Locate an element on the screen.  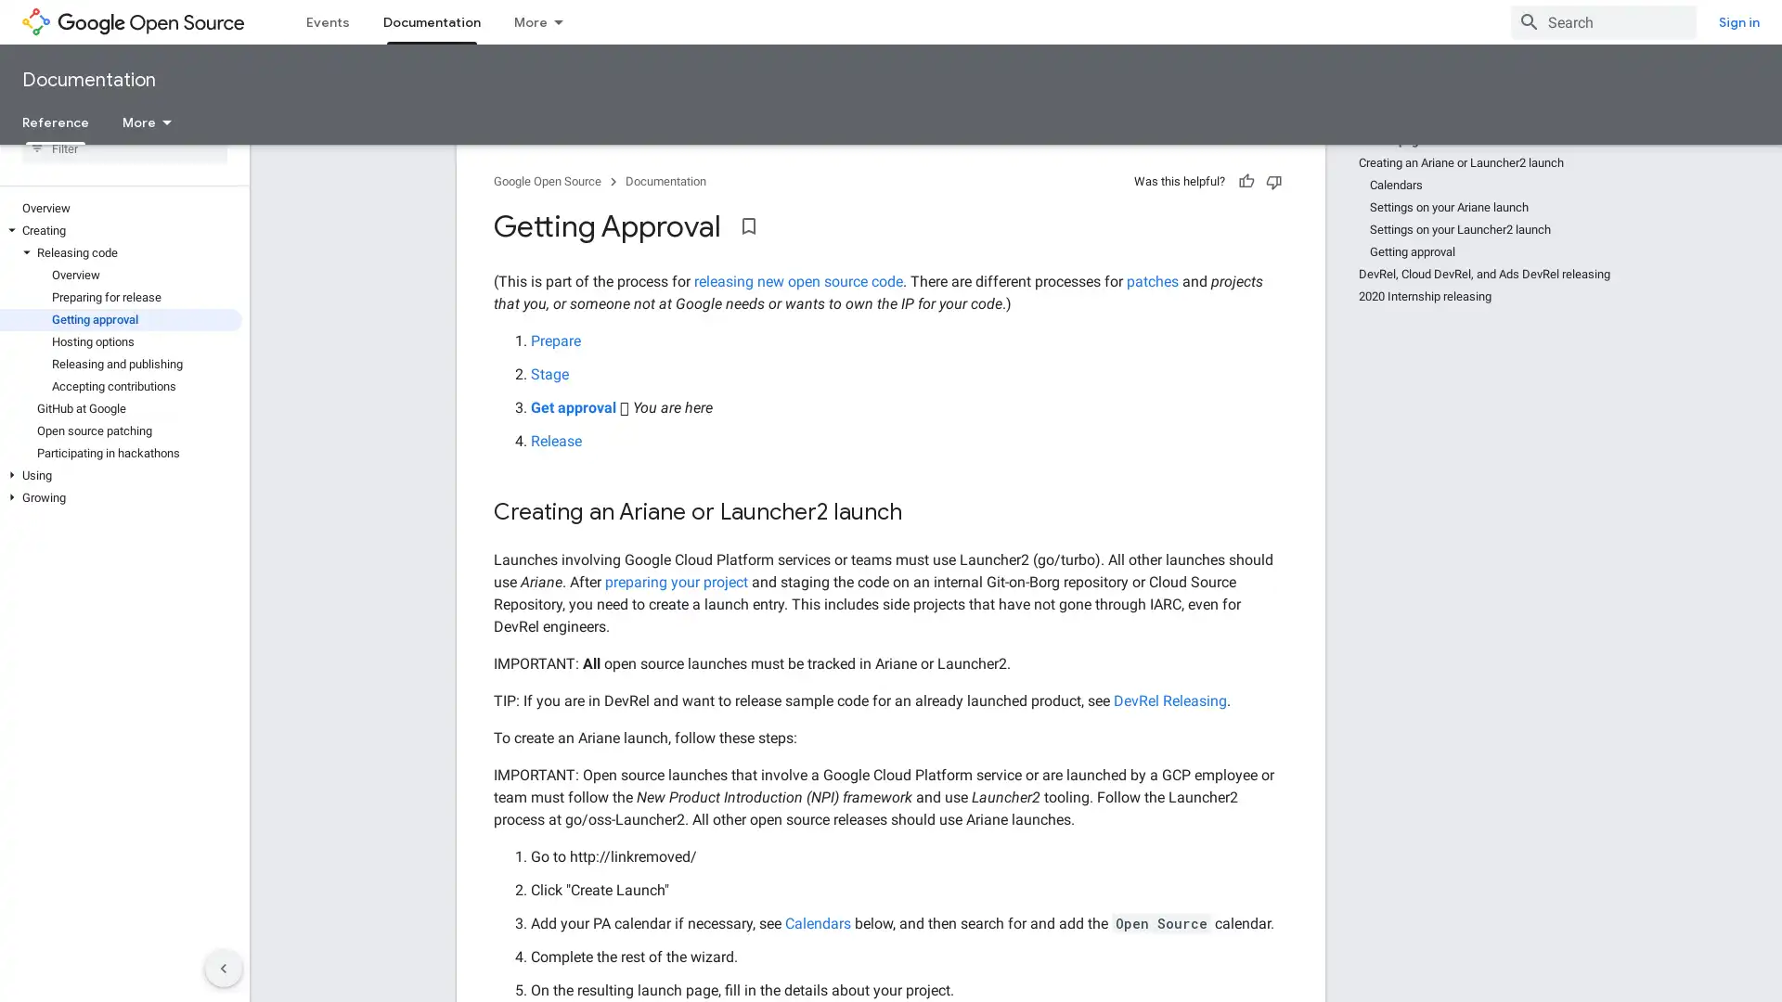
Helpful is located at coordinates (1246, 213).